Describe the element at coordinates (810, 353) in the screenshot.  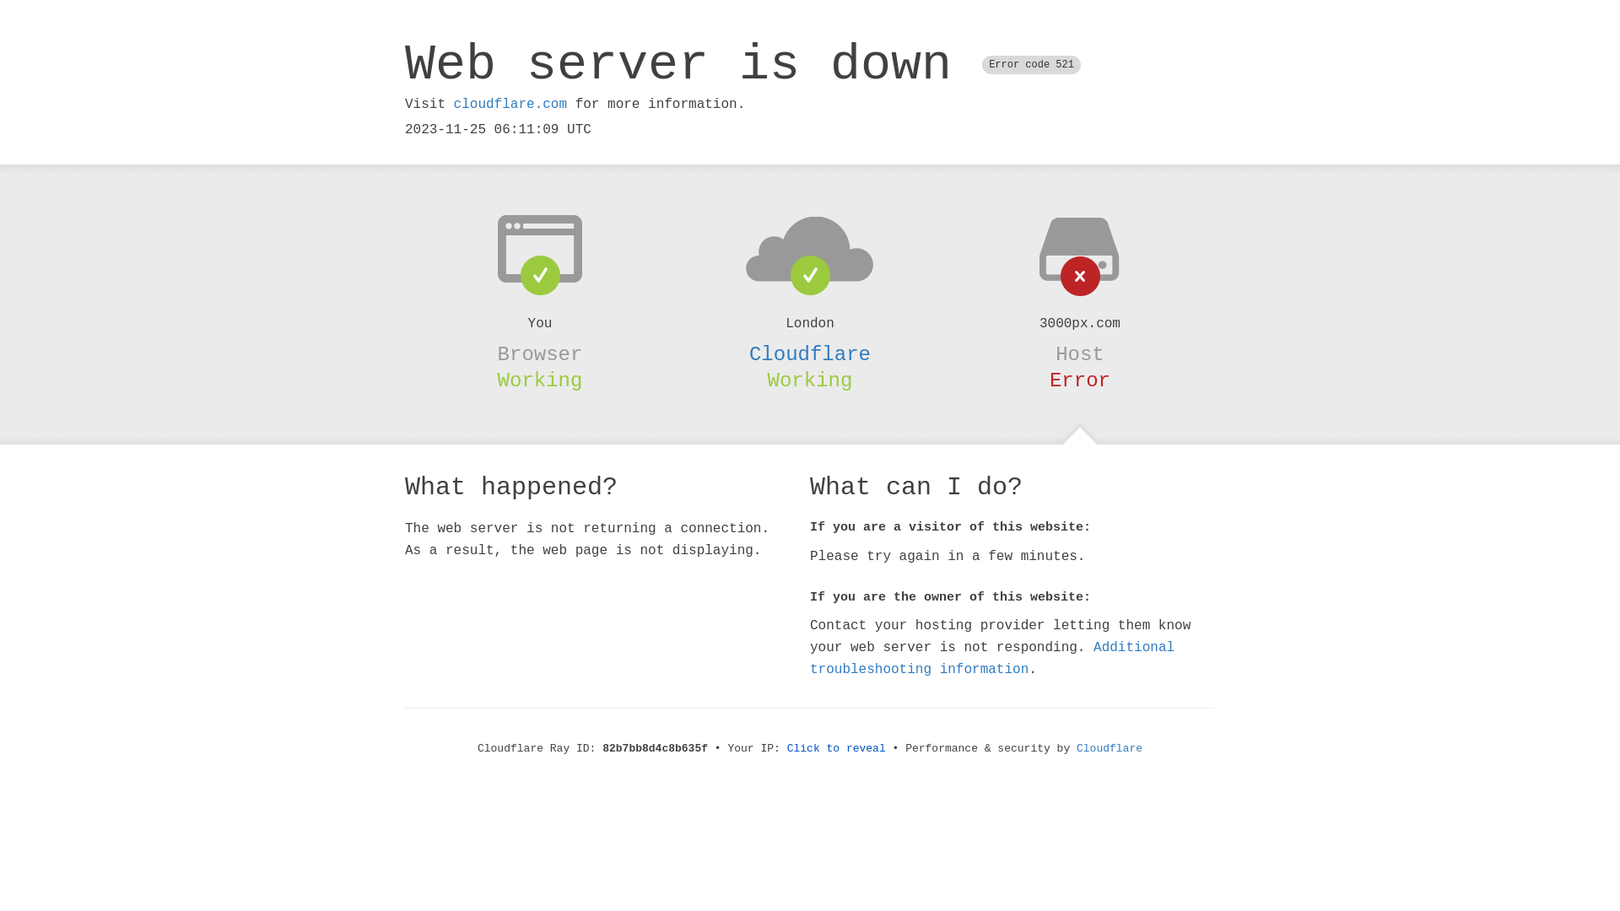
I see `'Cloudflare'` at that location.